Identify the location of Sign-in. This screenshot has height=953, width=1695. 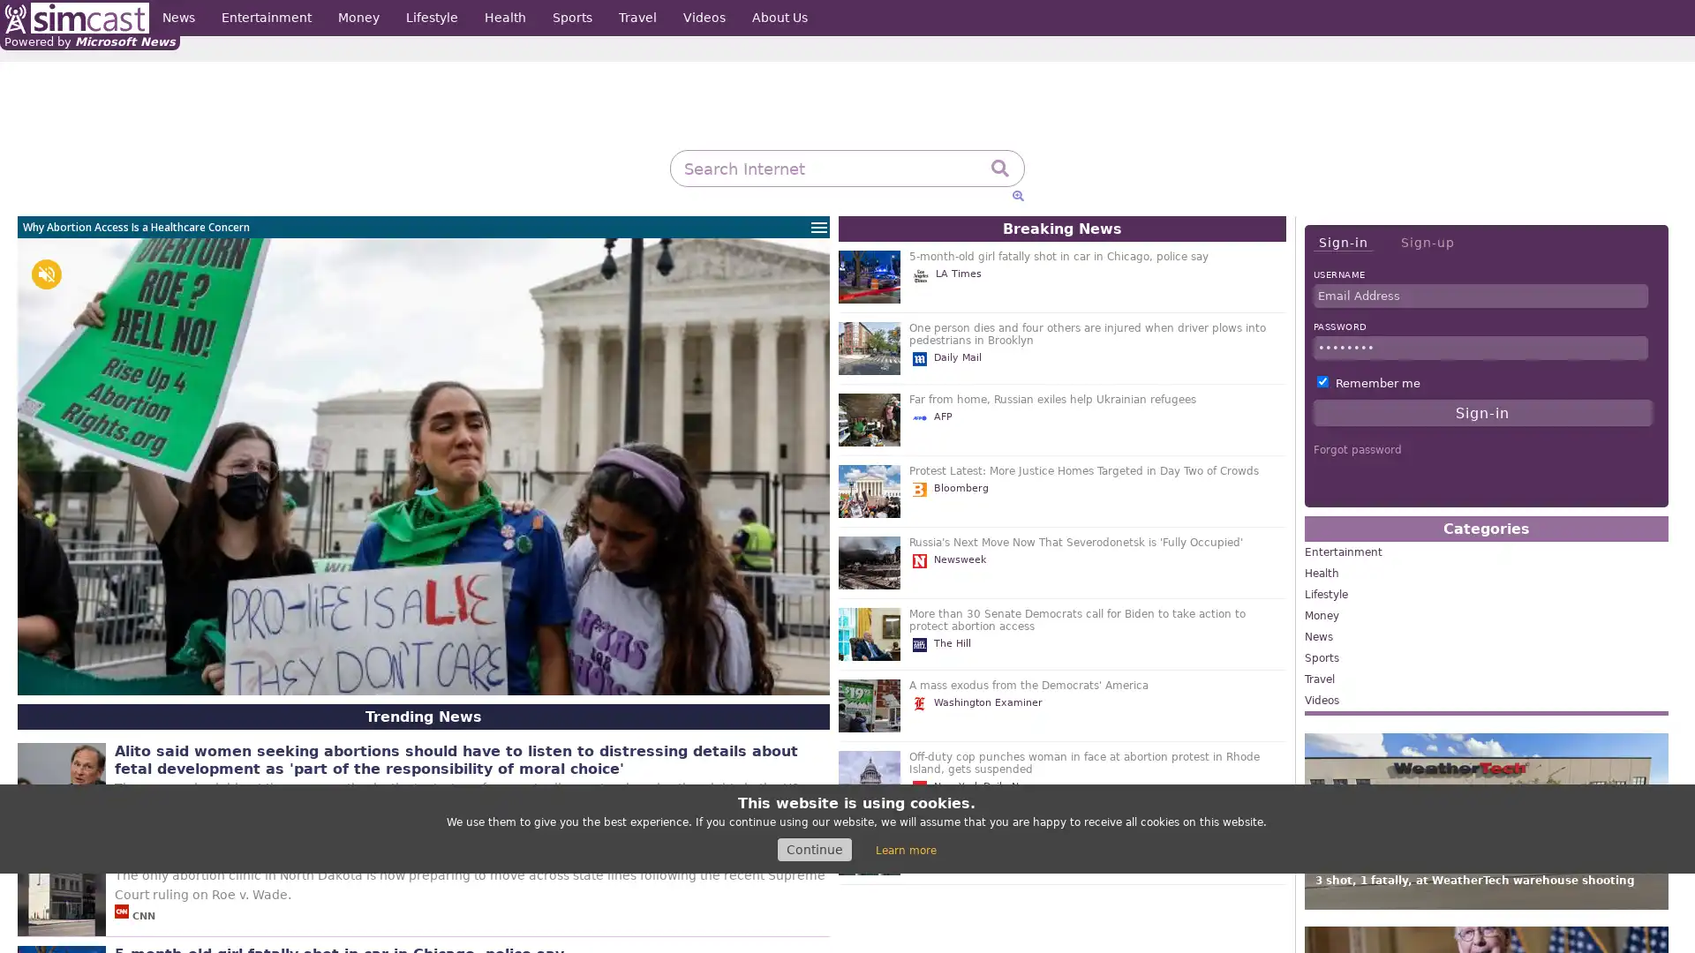
(1482, 412).